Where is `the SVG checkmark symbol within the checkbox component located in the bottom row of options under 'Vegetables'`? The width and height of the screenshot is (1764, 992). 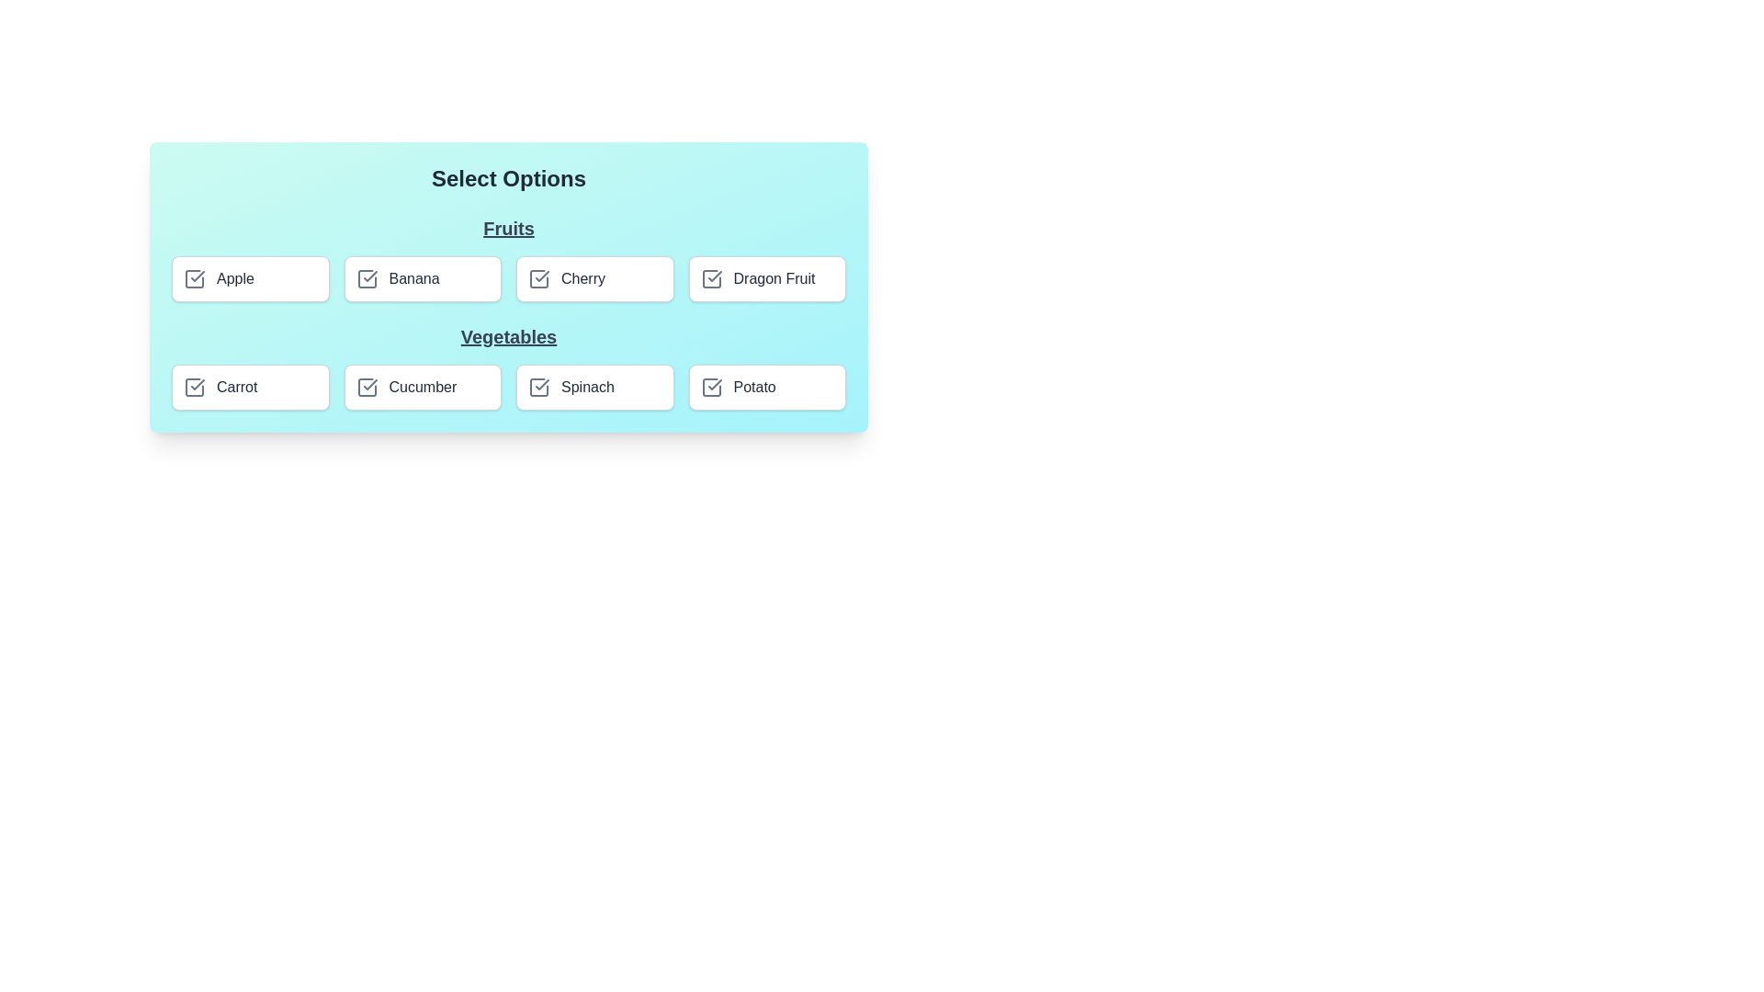
the SVG checkmark symbol within the checkbox component located in the bottom row of options under 'Vegetables' is located at coordinates (713, 384).